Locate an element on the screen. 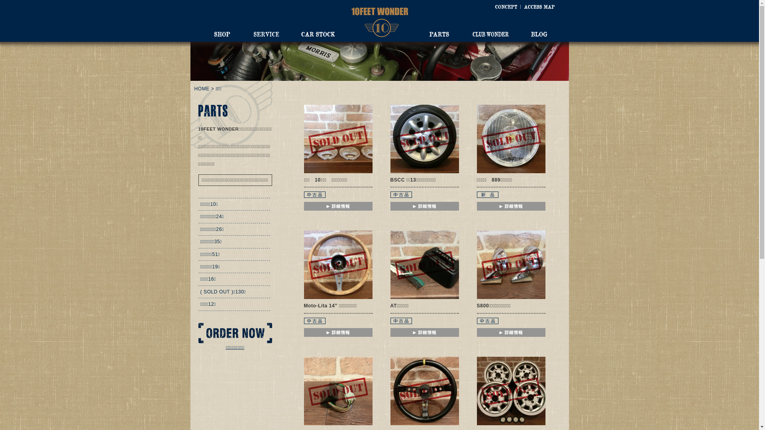 The height and width of the screenshot is (430, 765). 'PARTS' is located at coordinates (438, 33).